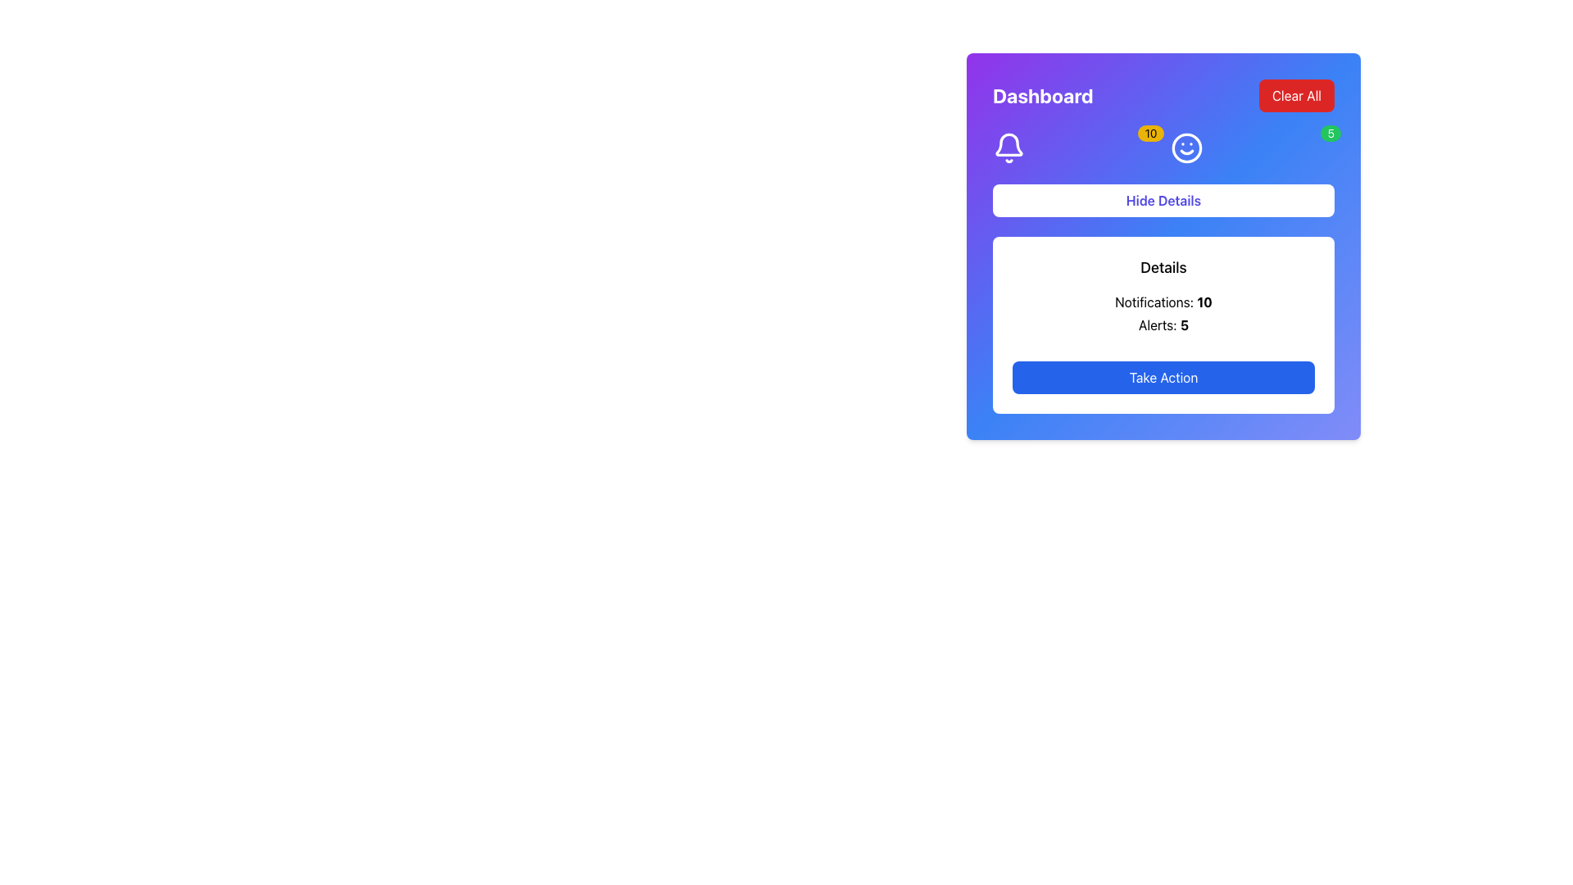 The height and width of the screenshot is (885, 1573). What do you see at coordinates (1009, 148) in the screenshot?
I see `the bell icon notification indicator outlined in white against a purple background` at bounding box center [1009, 148].